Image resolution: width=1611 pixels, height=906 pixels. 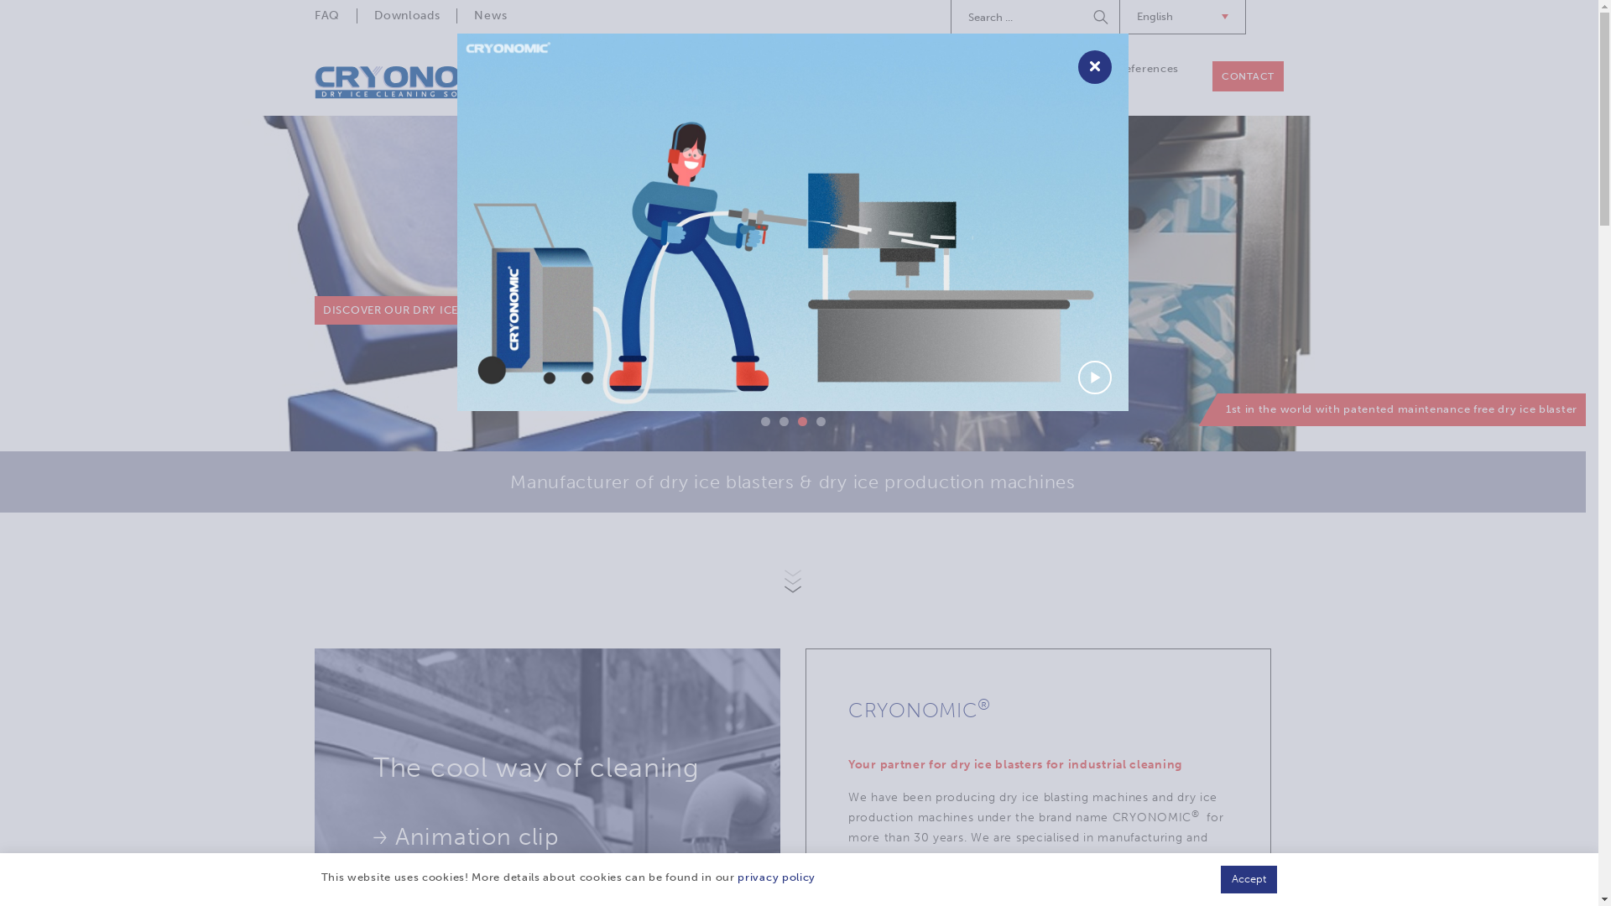 What do you see at coordinates (775, 876) in the screenshot?
I see `'privacy policy'` at bounding box center [775, 876].